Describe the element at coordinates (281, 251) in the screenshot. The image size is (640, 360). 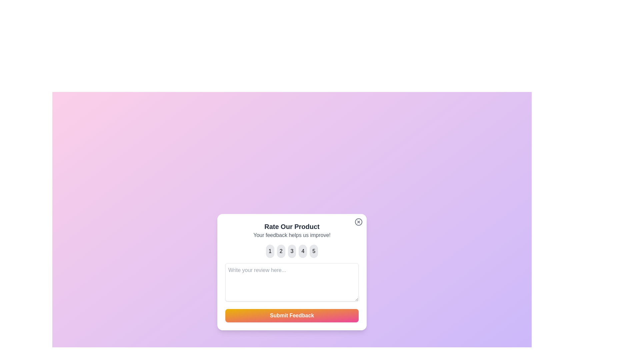
I see `the button corresponding to the rating 2` at that location.